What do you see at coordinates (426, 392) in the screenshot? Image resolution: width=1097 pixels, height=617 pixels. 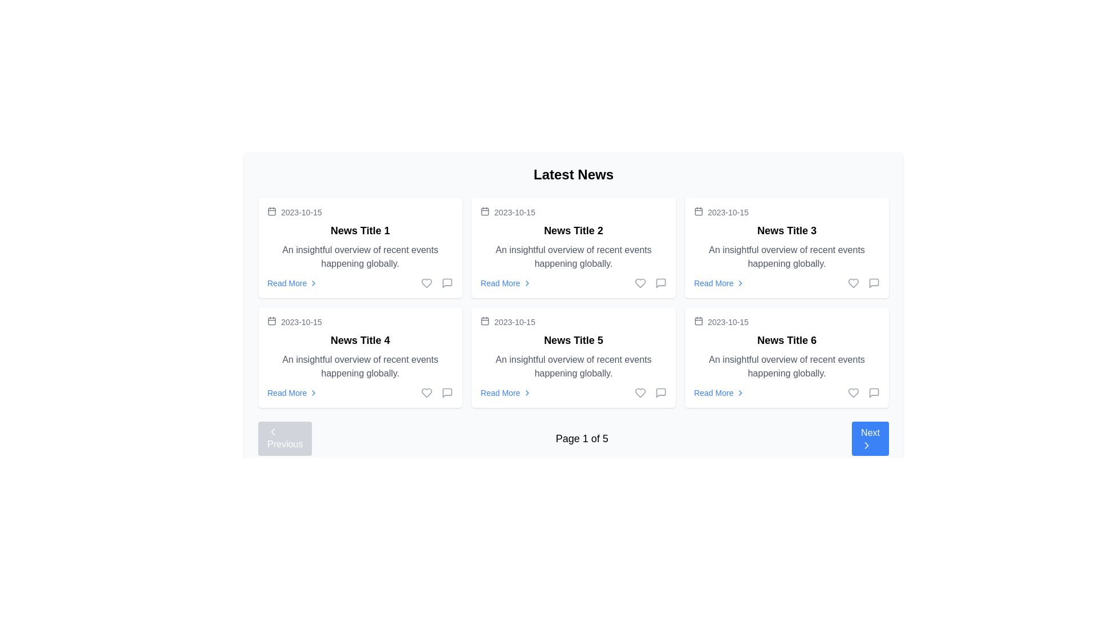 I see `the heart icon located in the bottom-right section of the card corresponding to 'News Title 4'` at bounding box center [426, 392].